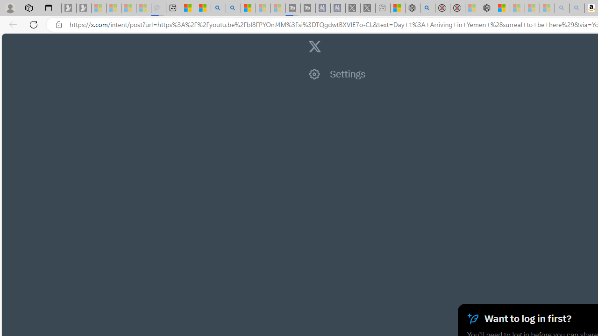 This screenshot has height=336, width=598. I want to click on 'Amazon Echo Dot PNG - Search Images - Sleeping', so click(577, 8).